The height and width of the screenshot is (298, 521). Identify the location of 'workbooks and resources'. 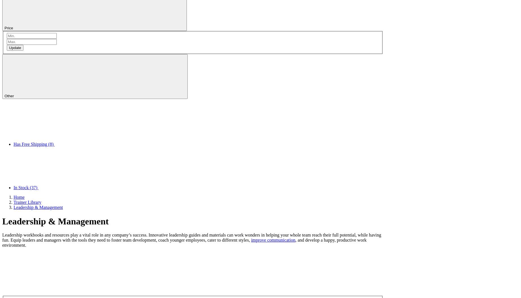
(46, 235).